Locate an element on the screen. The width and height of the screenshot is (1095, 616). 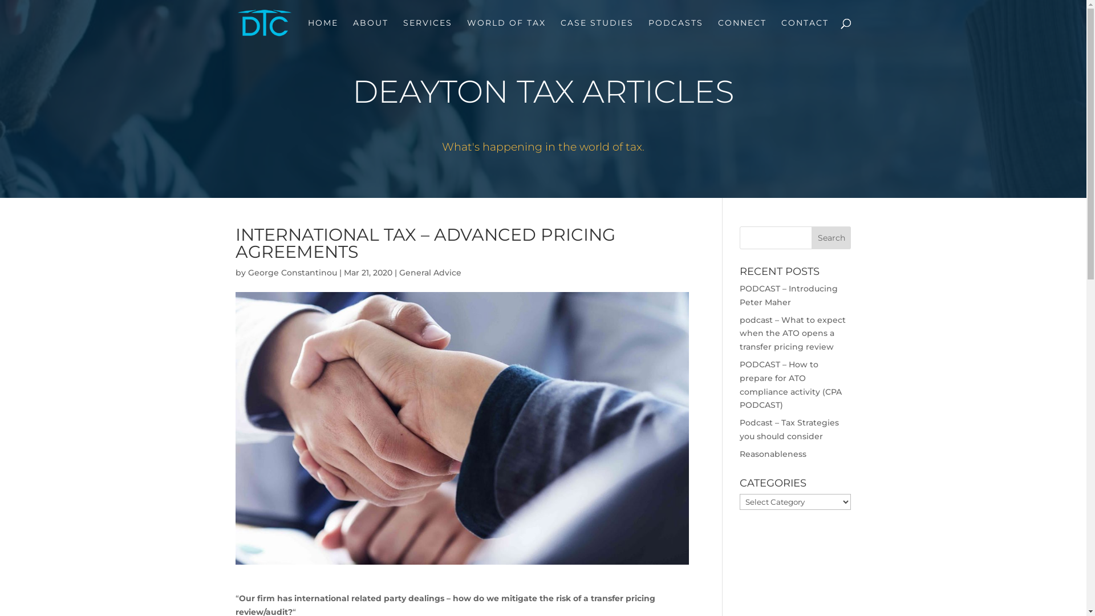
'Search' is located at coordinates (832, 237).